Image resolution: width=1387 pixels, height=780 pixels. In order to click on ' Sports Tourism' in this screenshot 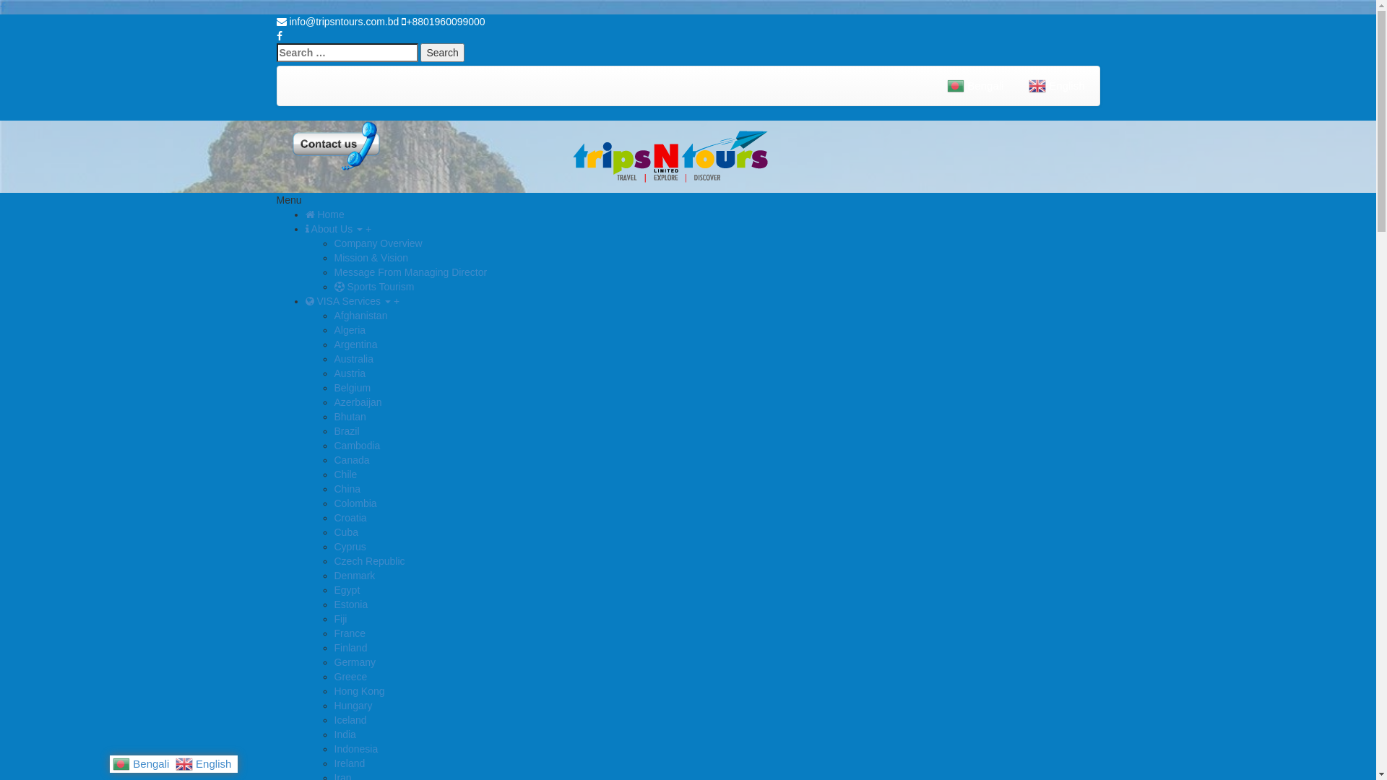, I will do `click(332, 287)`.